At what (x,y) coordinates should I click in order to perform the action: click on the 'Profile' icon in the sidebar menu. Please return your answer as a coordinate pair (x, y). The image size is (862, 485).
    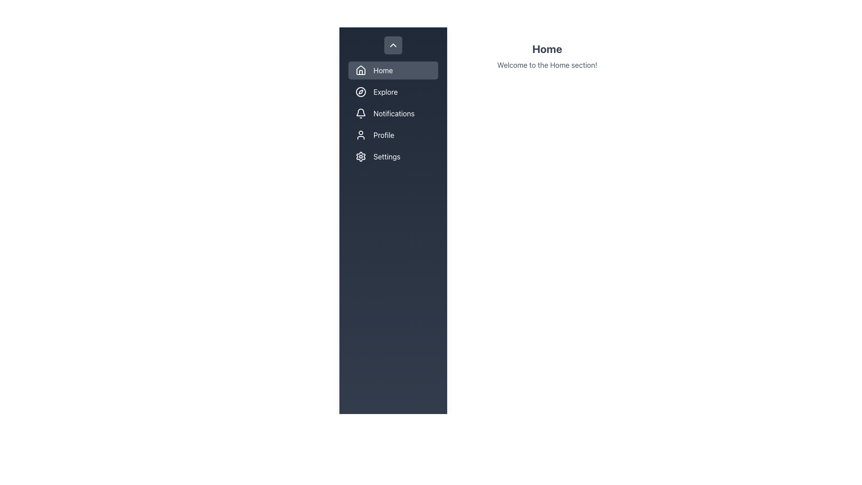
    Looking at the image, I should click on (361, 135).